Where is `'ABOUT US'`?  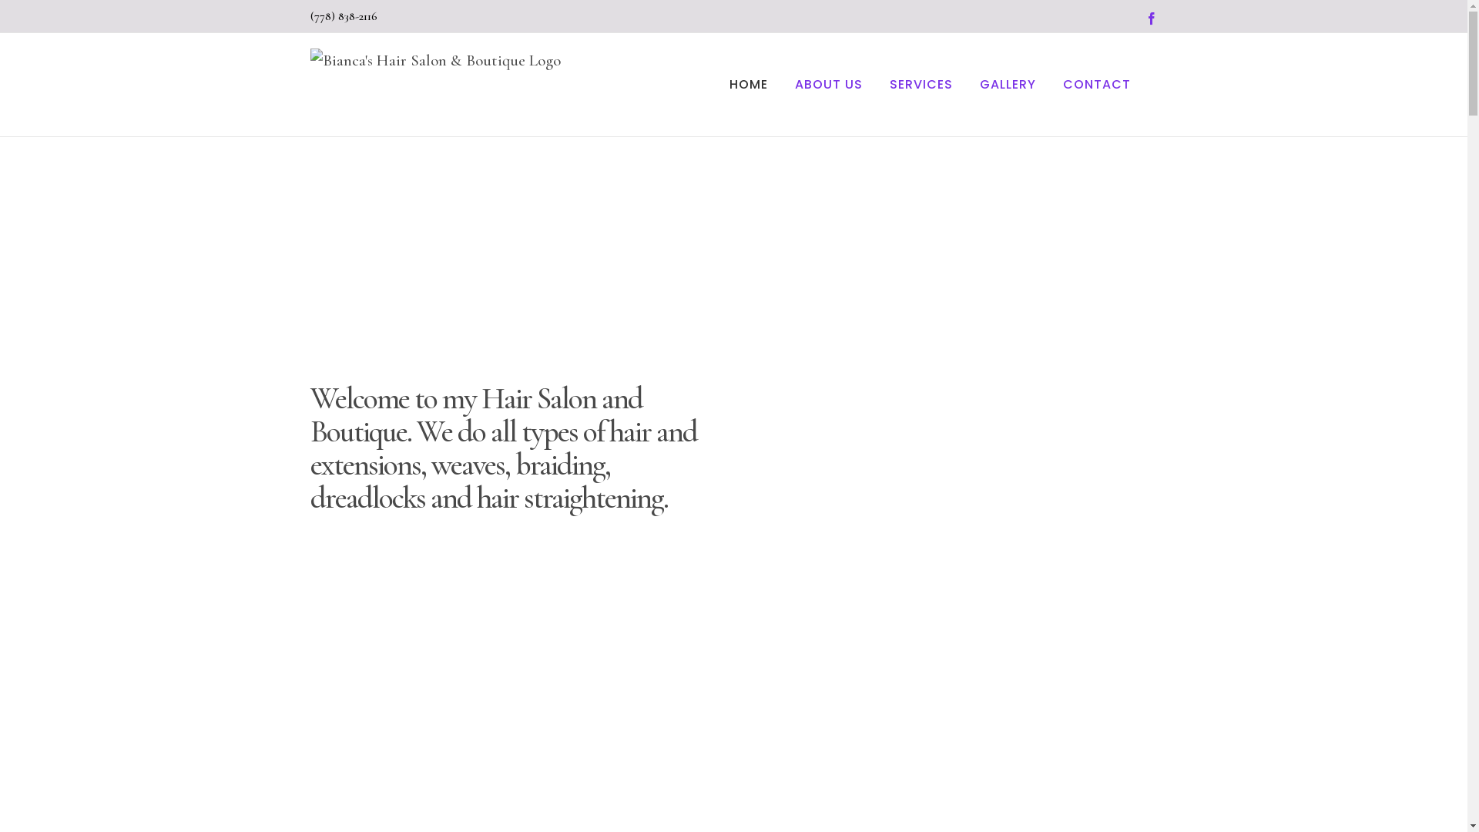
'ABOUT US' is located at coordinates (795, 85).